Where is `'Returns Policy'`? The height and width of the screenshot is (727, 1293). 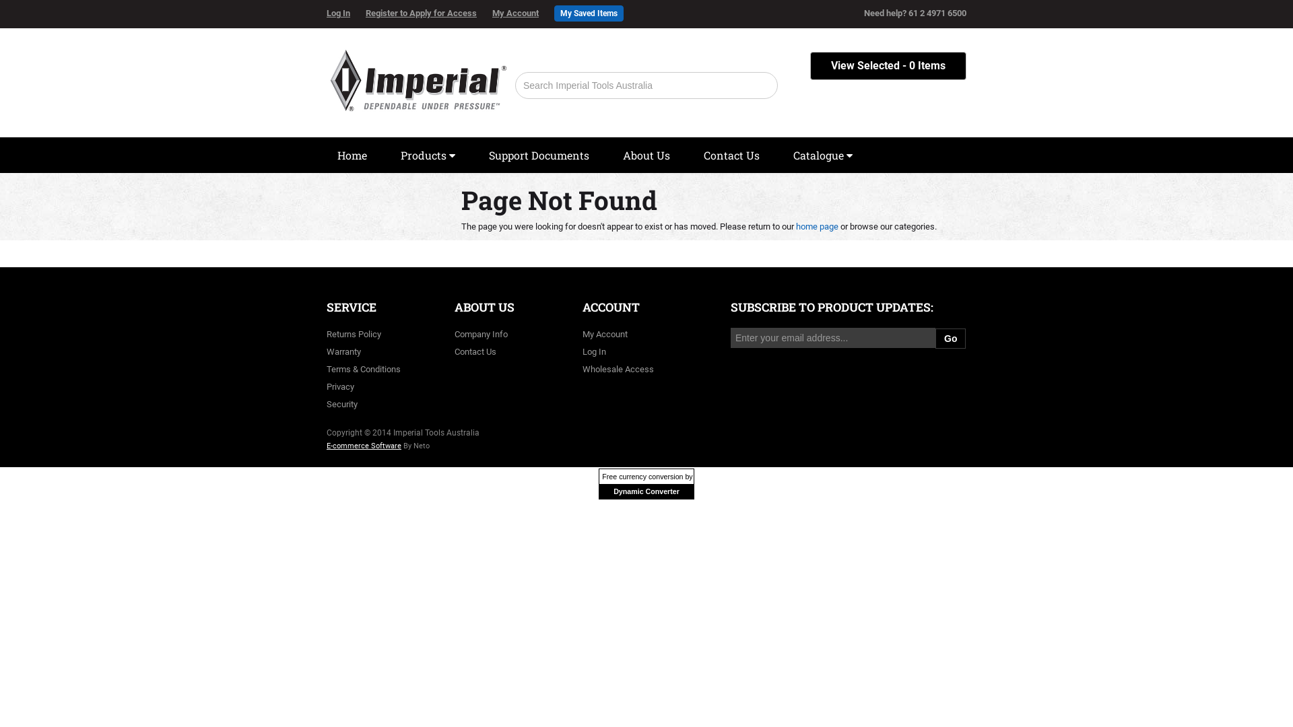 'Returns Policy' is located at coordinates (354, 333).